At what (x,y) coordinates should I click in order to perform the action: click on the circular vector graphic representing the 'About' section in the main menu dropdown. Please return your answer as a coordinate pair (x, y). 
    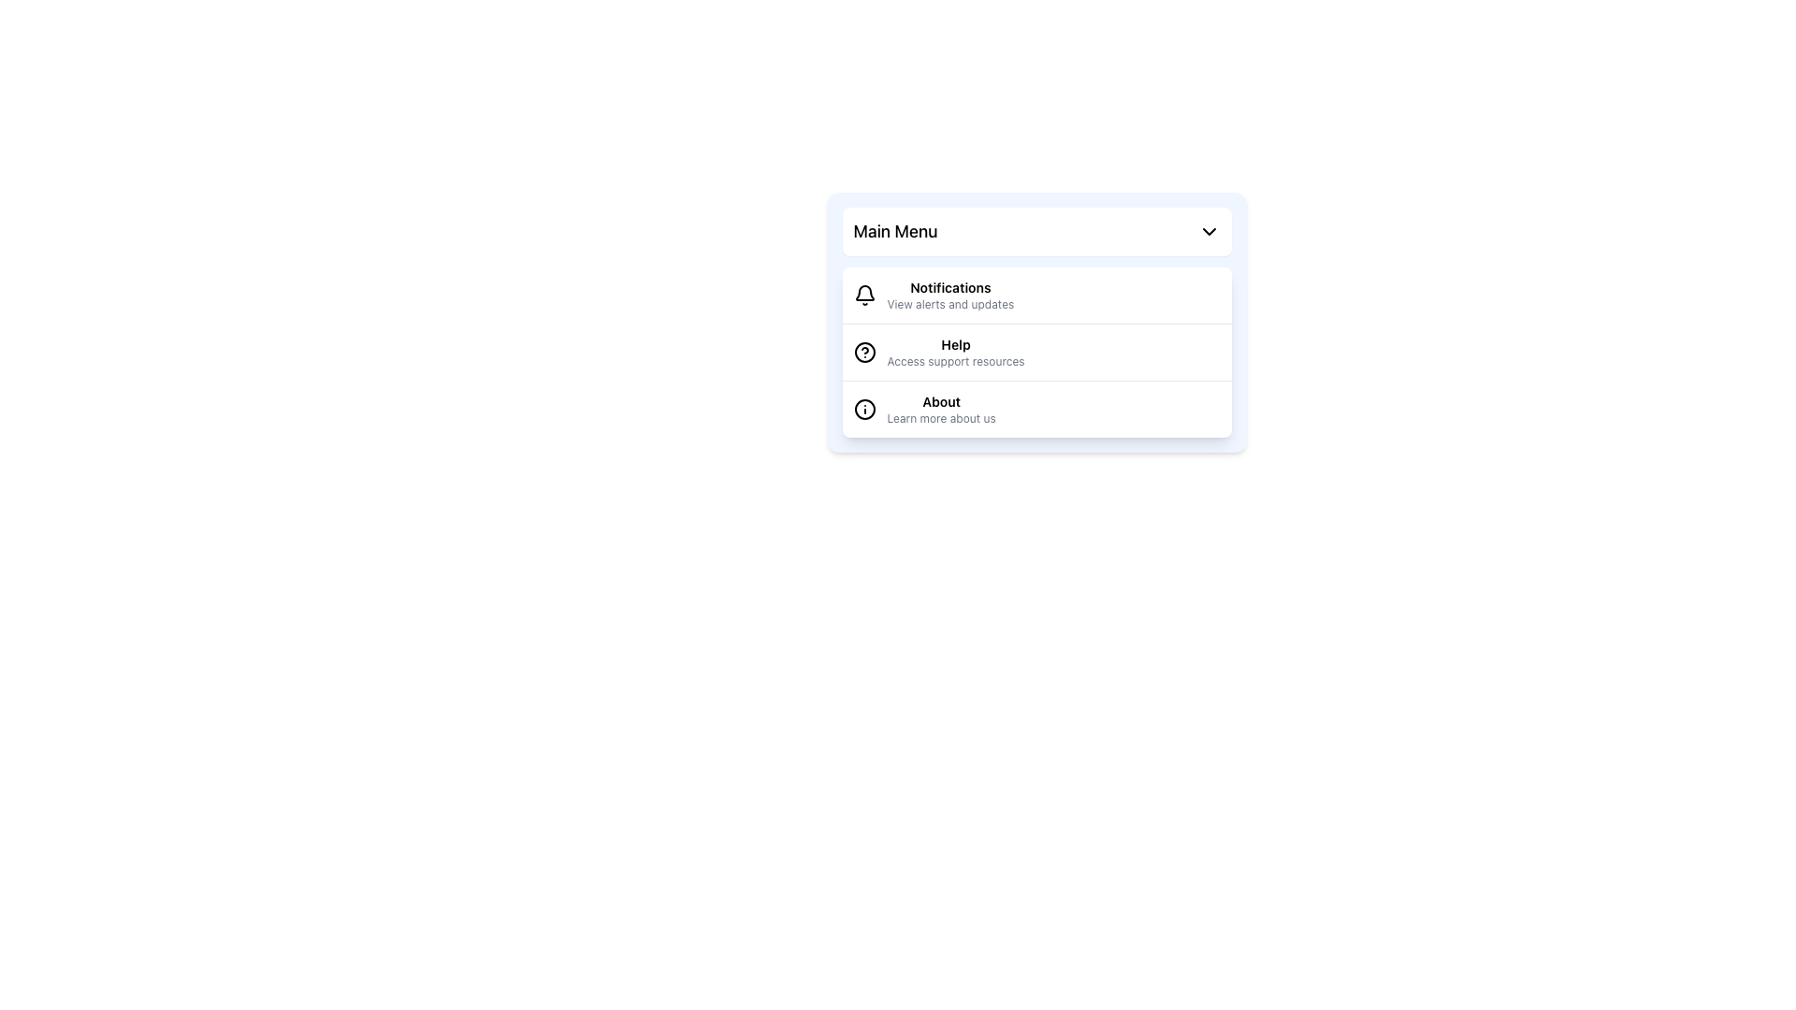
    Looking at the image, I should click on (863, 409).